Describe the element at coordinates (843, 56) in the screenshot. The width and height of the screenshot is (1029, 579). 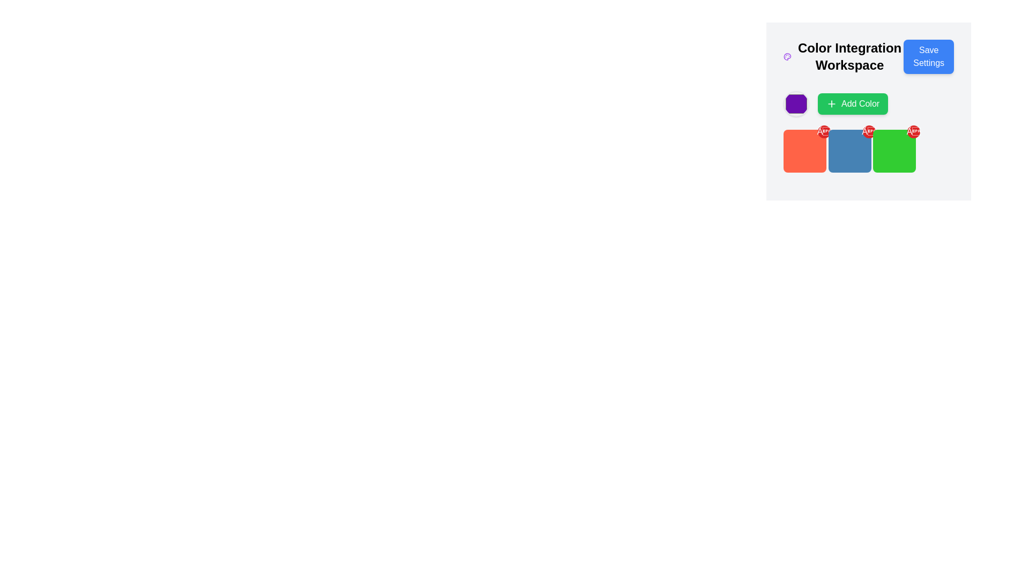
I see `bold text displayed in the heading element that says 'Color Integration Workspace' located at the top left quadrant of the module layout` at that location.